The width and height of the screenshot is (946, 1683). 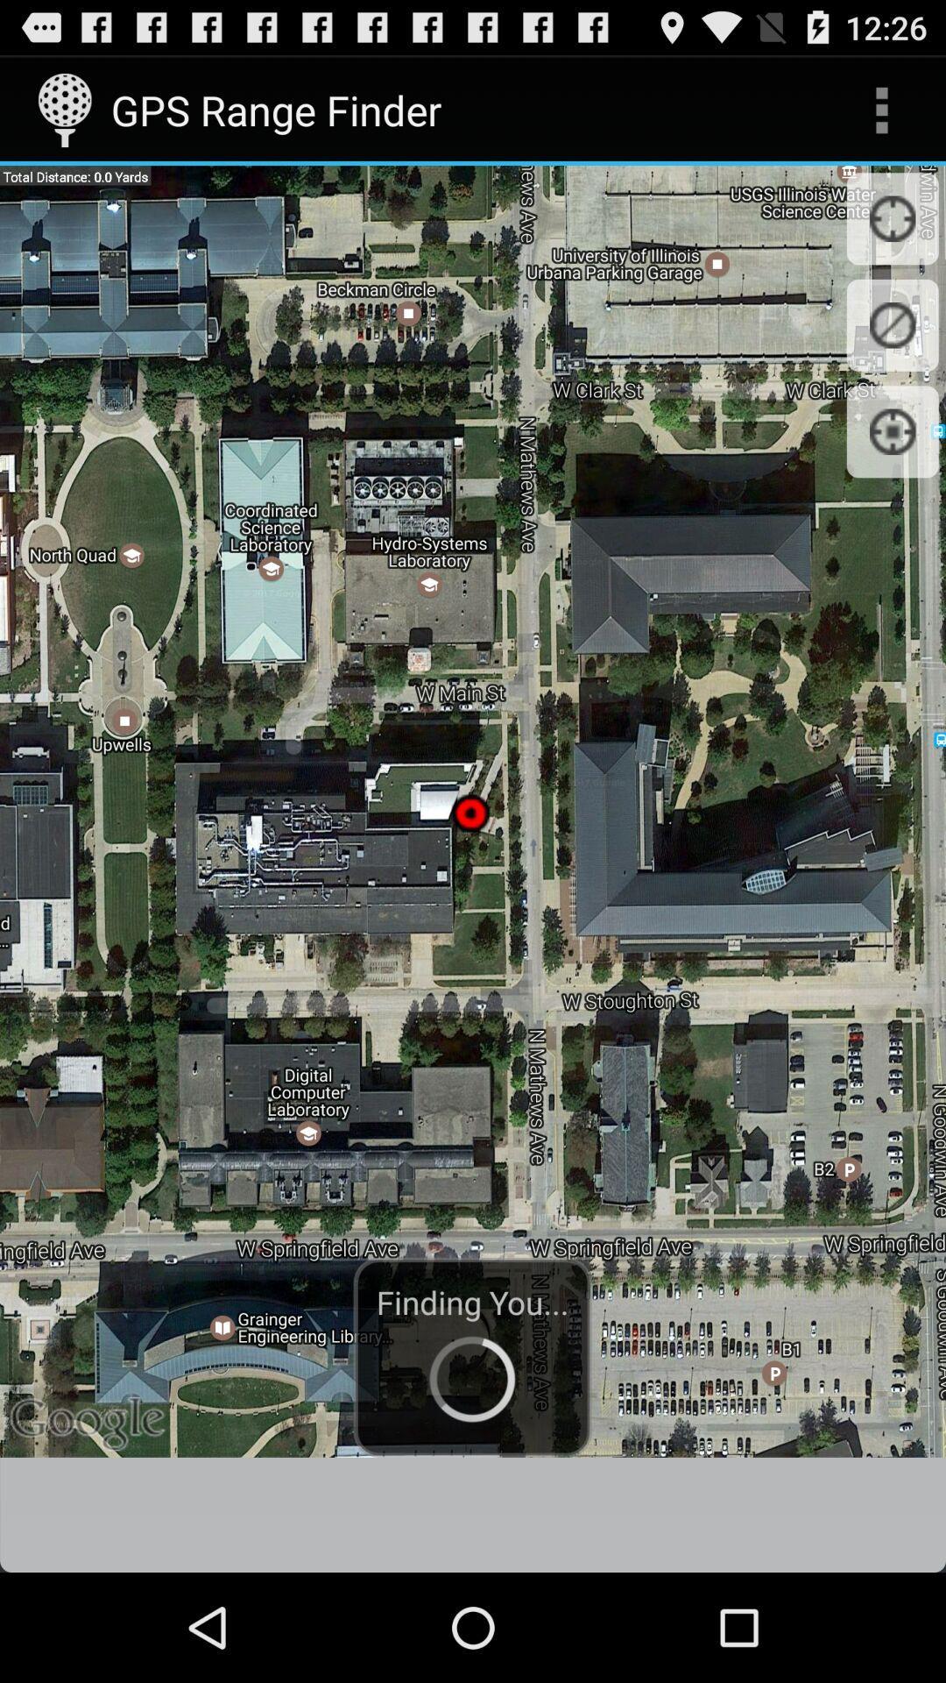 What do you see at coordinates (893, 233) in the screenshot?
I see `the location_crosshair icon` at bounding box center [893, 233].